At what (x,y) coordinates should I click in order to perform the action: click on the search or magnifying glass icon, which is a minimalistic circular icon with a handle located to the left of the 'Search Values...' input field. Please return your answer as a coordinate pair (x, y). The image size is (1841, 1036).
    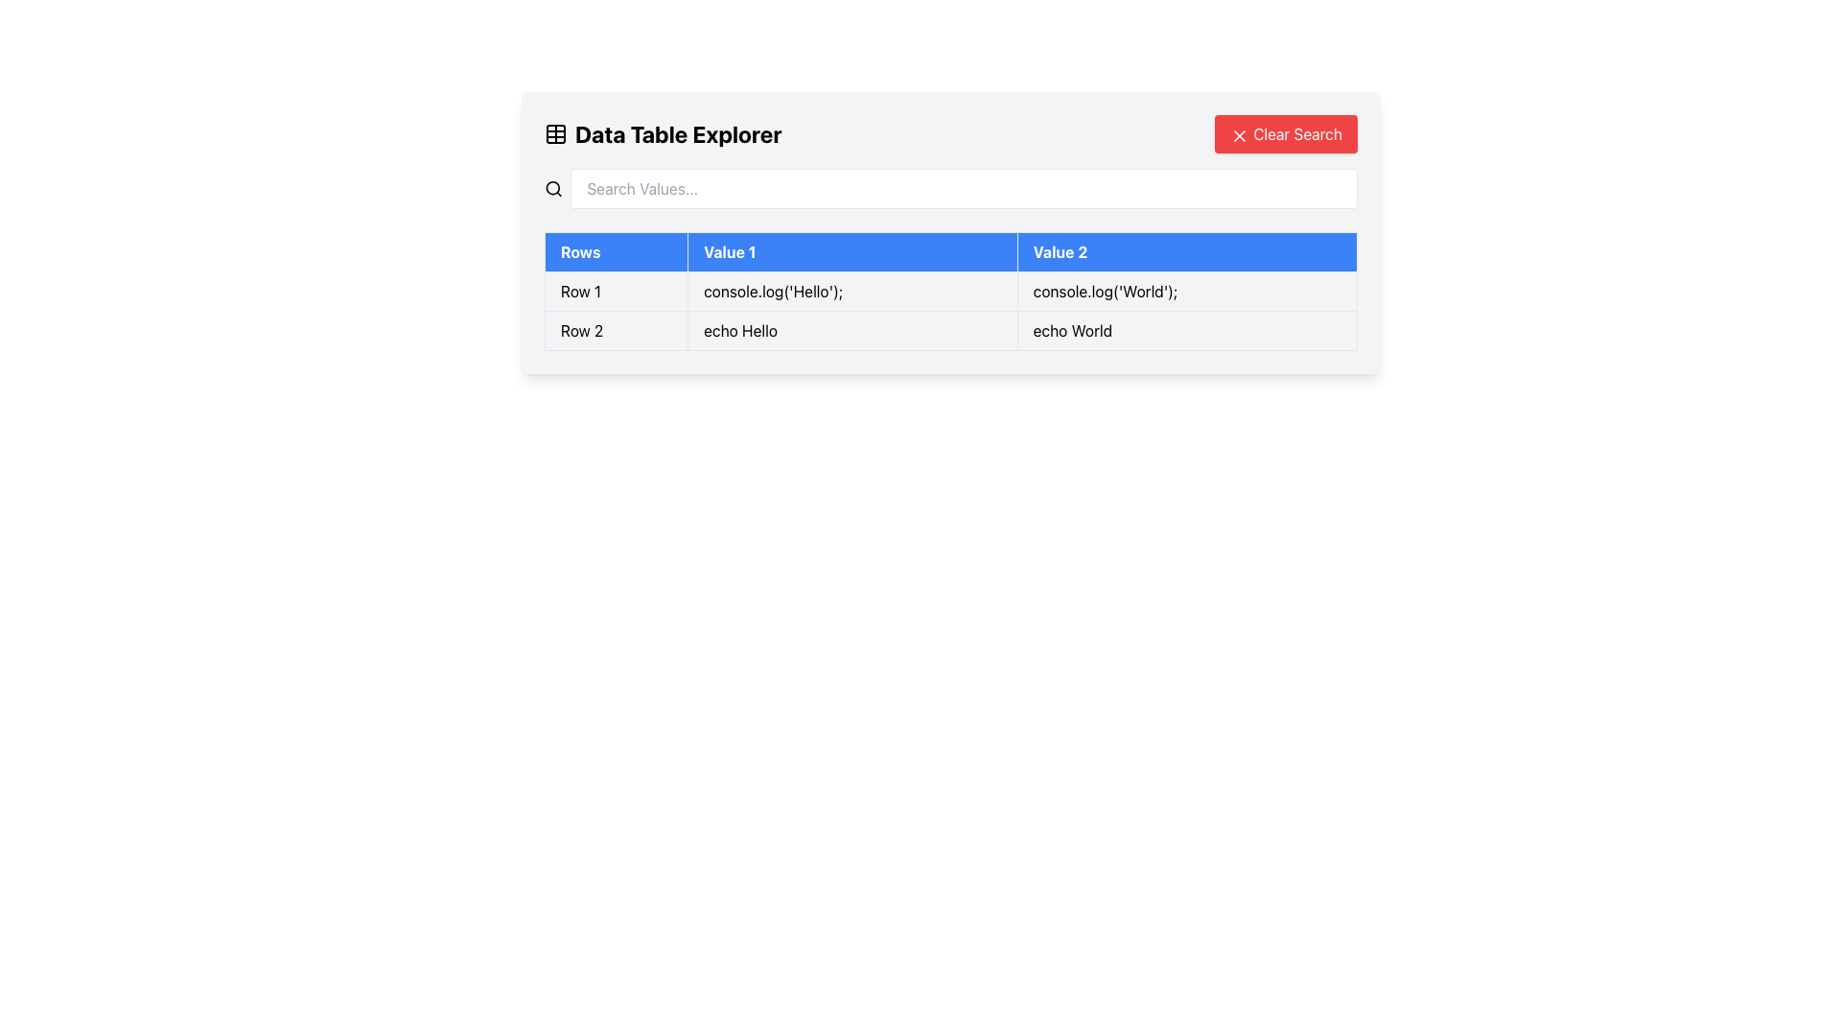
    Looking at the image, I should click on (552, 188).